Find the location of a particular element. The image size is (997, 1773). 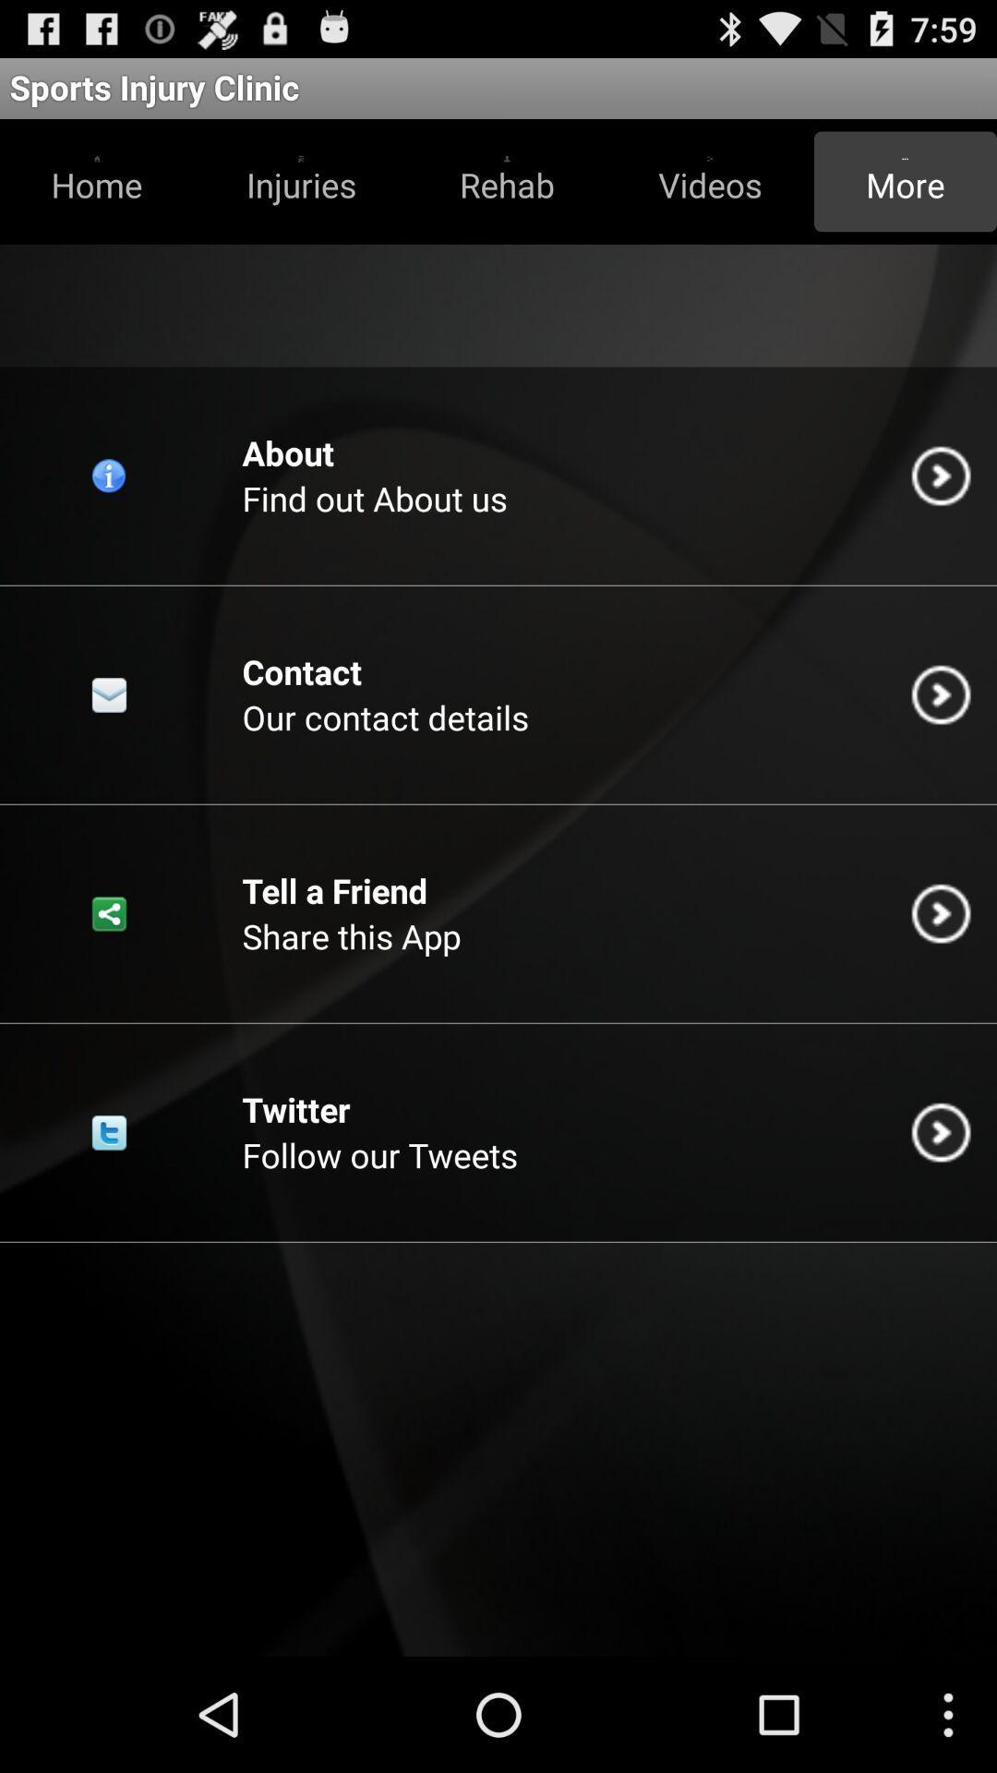

rehab is located at coordinates (507, 181).